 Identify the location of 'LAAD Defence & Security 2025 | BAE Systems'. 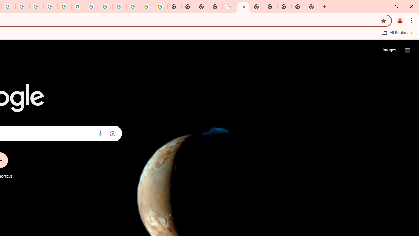
(229, 7).